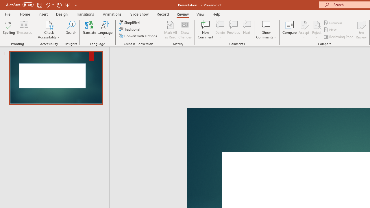  What do you see at coordinates (49, 30) in the screenshot?
I see `'Check Accessibility'` at bounding box center [49, 30].